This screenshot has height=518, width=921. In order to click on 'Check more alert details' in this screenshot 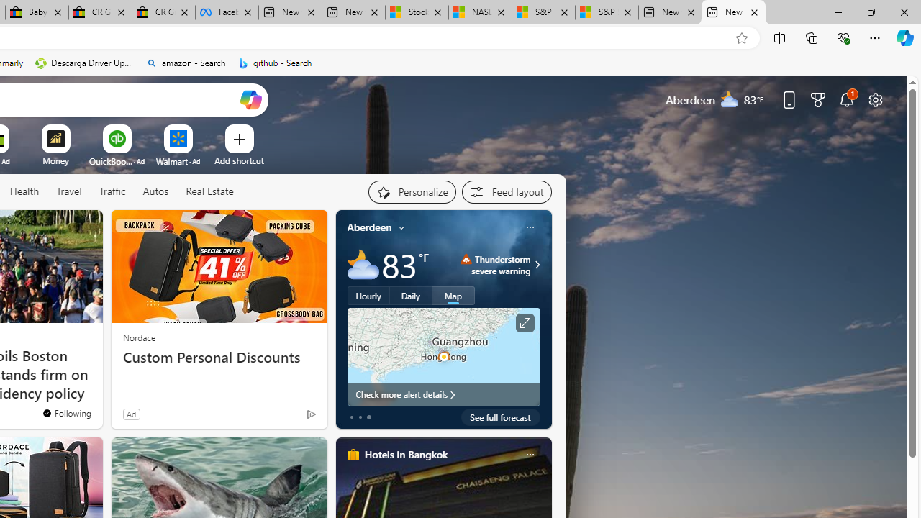, I will do `click(443, 394)`.